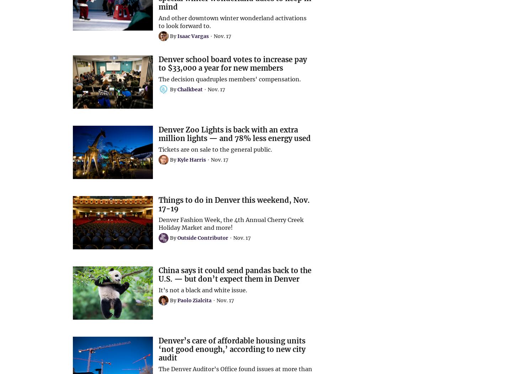  Describe the element at coordinates (214, 149) in the screenshot. I see `'Tickets are on sale to the general public.'` at that location.